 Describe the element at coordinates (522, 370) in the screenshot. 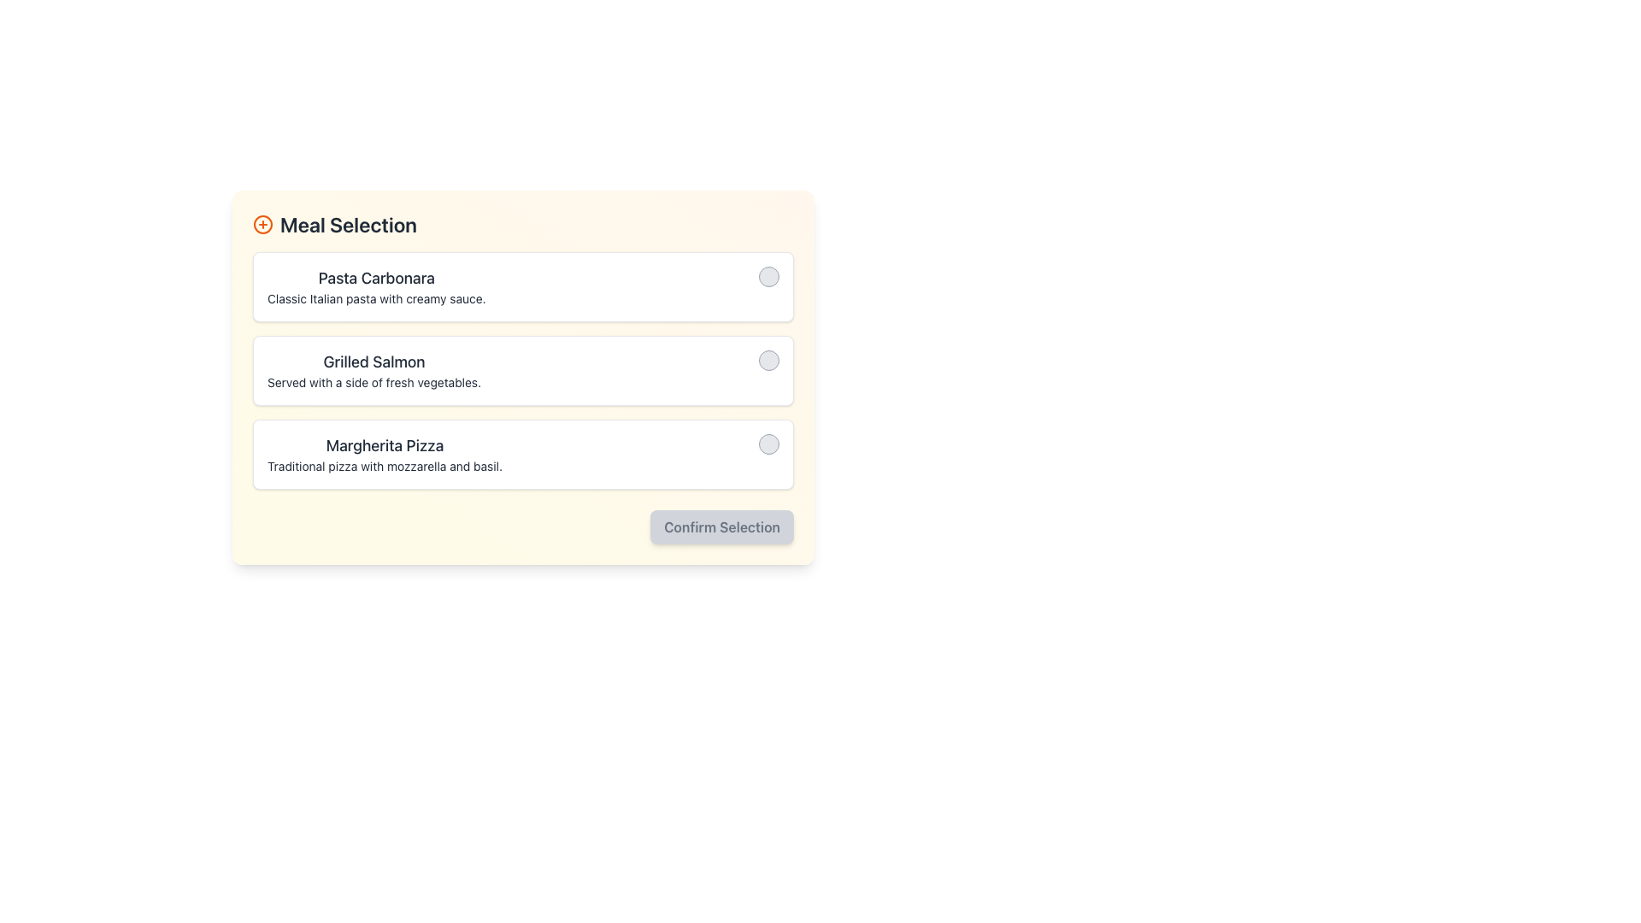

I see `the interactive list item displaying 'Grilled Salmon'` at that location.